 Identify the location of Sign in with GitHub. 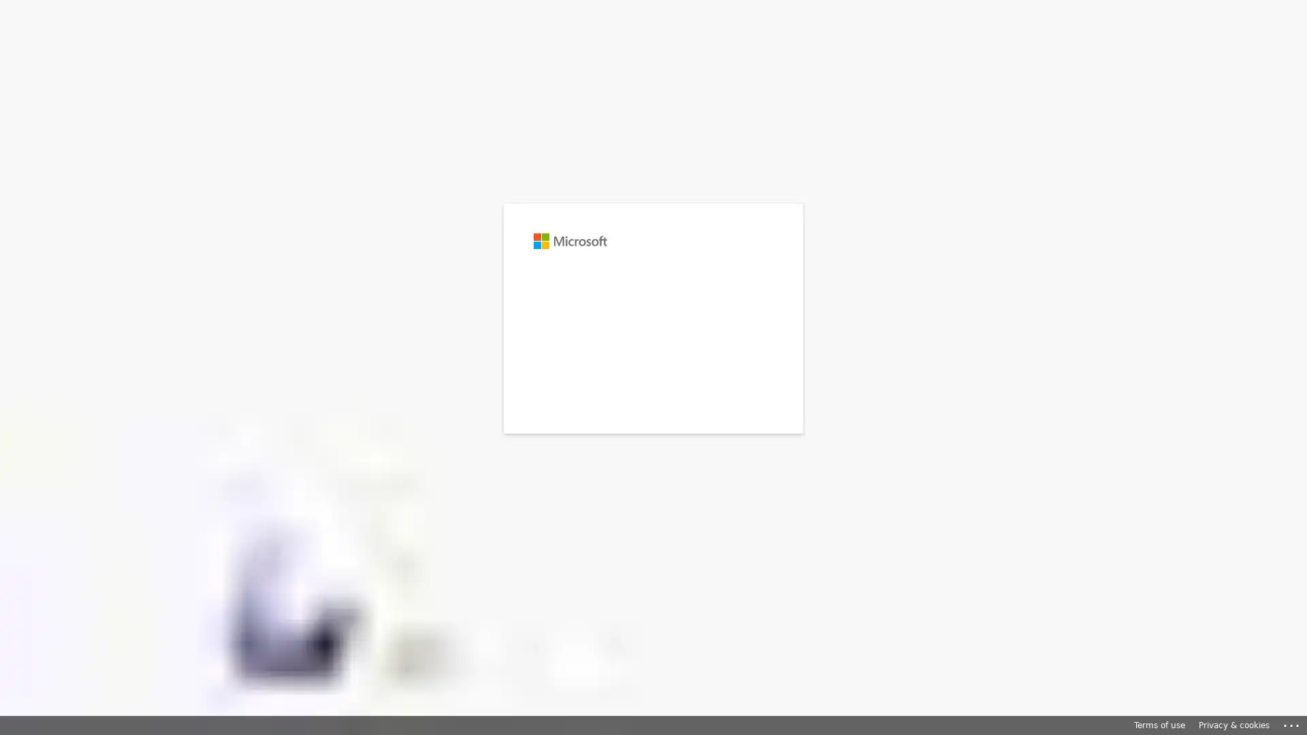
(653, 463).